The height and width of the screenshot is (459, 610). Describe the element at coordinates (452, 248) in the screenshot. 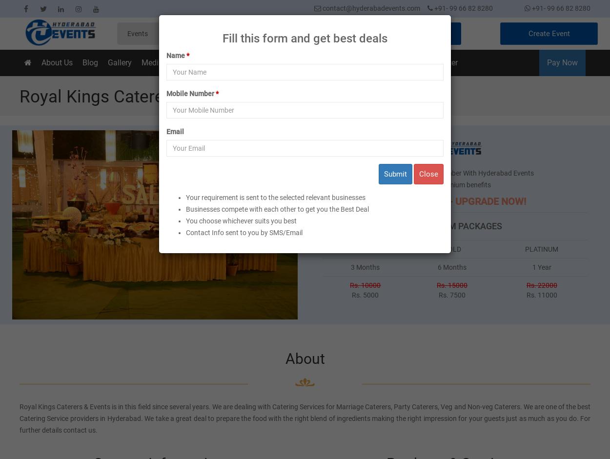

I see `'GOLD'` at that location.